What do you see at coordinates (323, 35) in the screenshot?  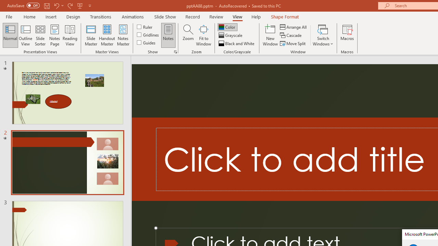 I see `'Switch Windows'` at bounding box center [323, 35].